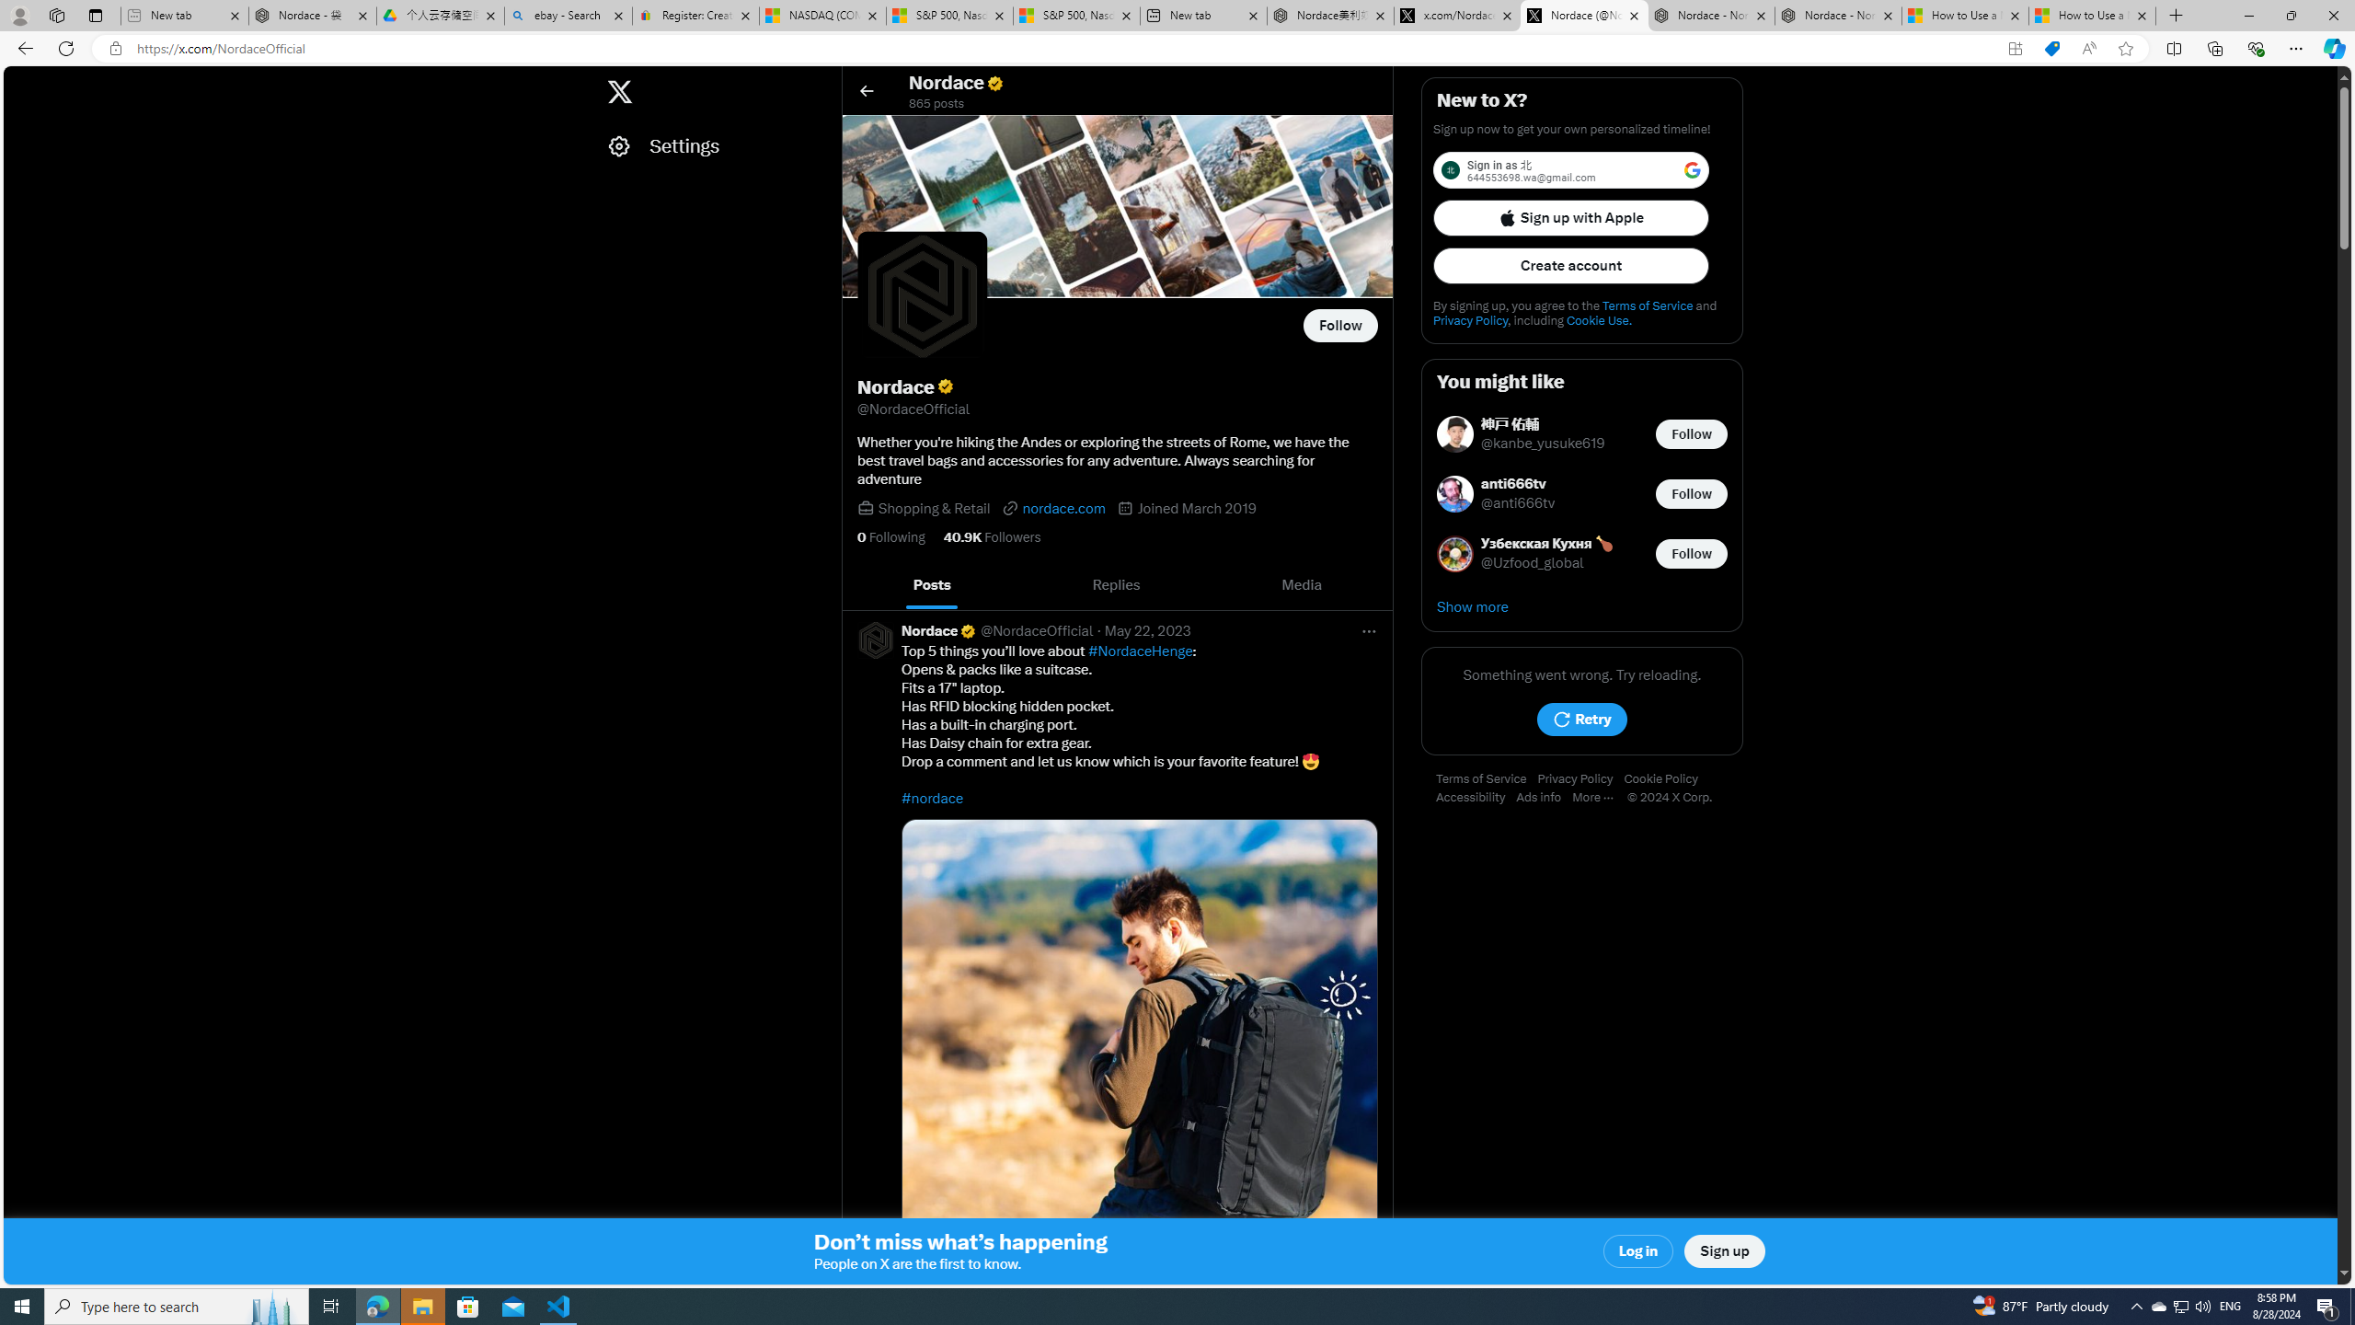 The width and height of the screenshot is (2355, 1325). What do you see at coordinates (183, 15) in the screenshot?
I see `'New tab - Sleeping'` at bounding box center [183, 15].